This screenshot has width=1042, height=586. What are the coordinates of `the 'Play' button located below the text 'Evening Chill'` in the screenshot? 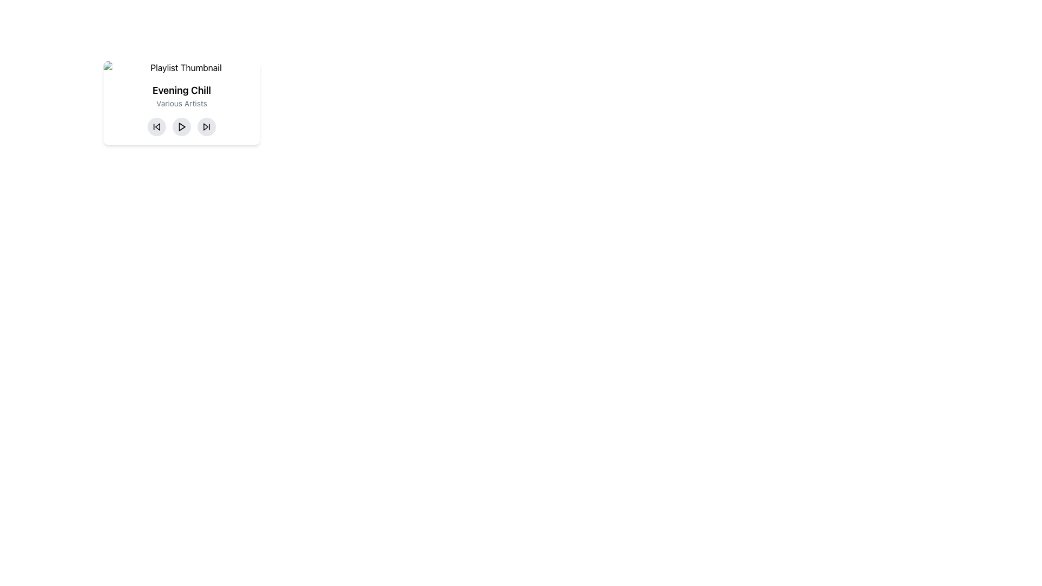 It's located at (182, 126).